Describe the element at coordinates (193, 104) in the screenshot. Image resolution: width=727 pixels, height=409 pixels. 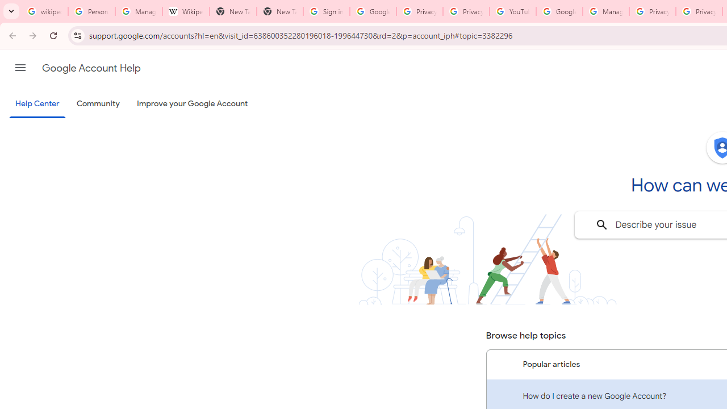
I see `'Improve your Google Account'` at that location.